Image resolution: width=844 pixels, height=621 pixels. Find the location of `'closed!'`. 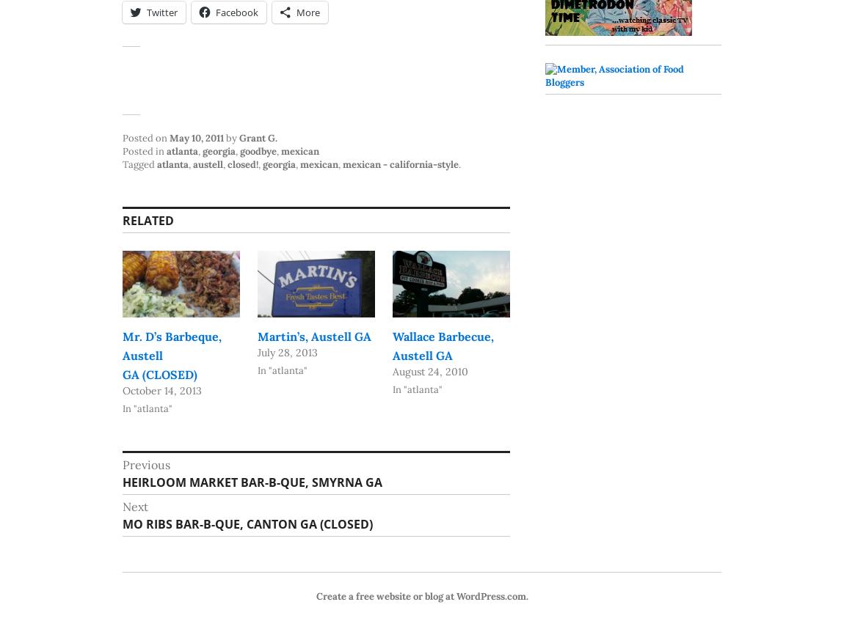

'closed!' is located at coordinates (242, 163).